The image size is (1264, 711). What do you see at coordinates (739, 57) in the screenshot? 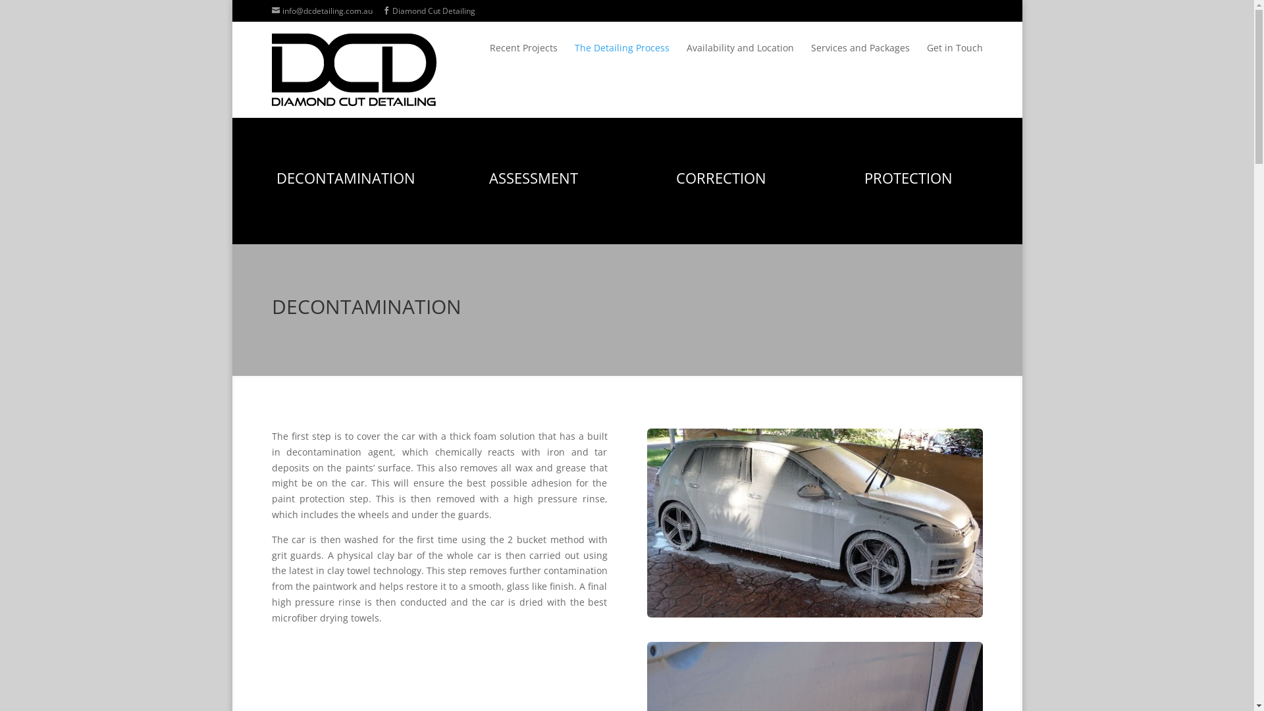
I see `'Availability and Location'` at bounding box center [739, 57].